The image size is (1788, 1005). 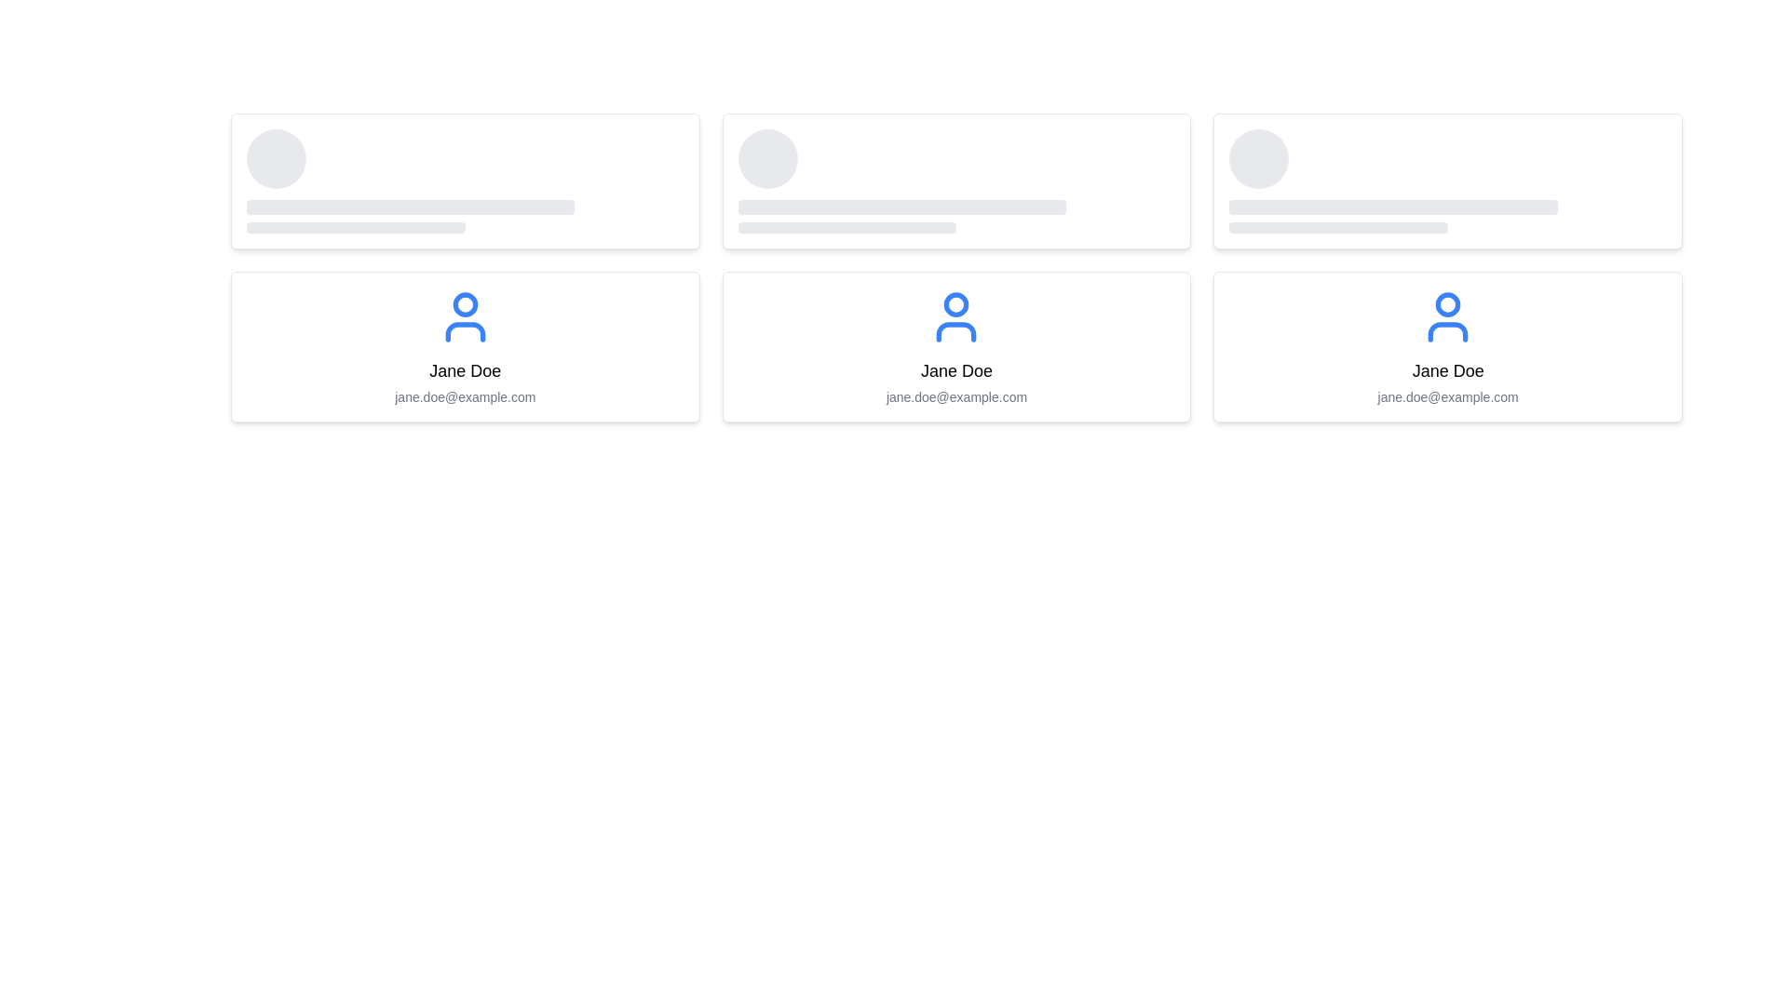 What do you see at coordinates (956, 331) in the screenshot?
I see `the curved blue line forming the base of the user icon, which is part of a user icon graphic with a circular head and body outline, located in the center card of three identical cards in the middle row` at bounding box center [956, 331].